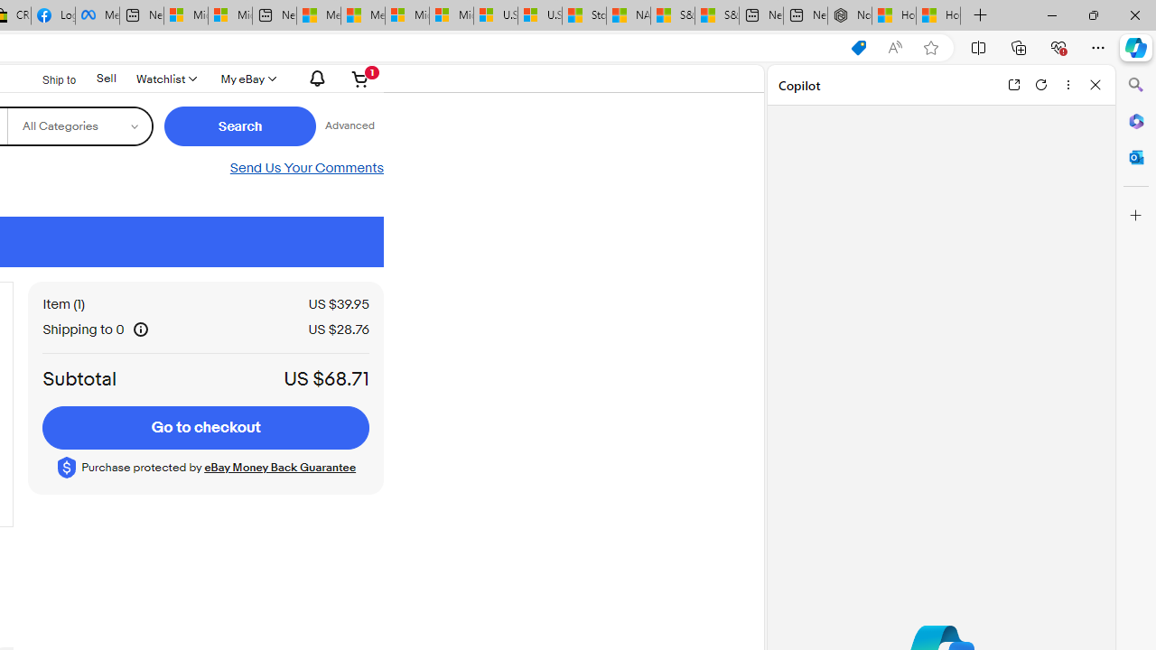  What do you see at coordinates (315, 78) in the screenshot?
I see `'AutomationID: gh-eb-Alerts'` at bounding box center [315, 78].